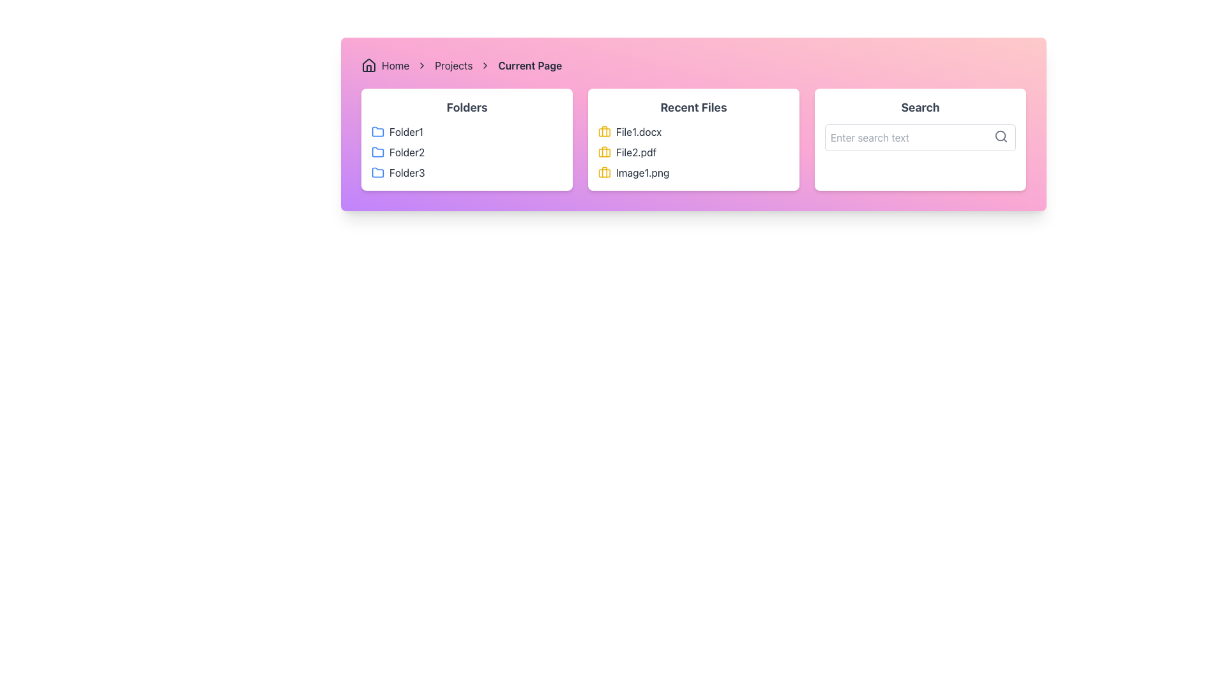 The height and width of the screenshot is (689, 1226). I want to click on the third folder icon in the 'Folders' section, which is represented as a blue rounded rectangular vector folder icon, so click(377, 172).